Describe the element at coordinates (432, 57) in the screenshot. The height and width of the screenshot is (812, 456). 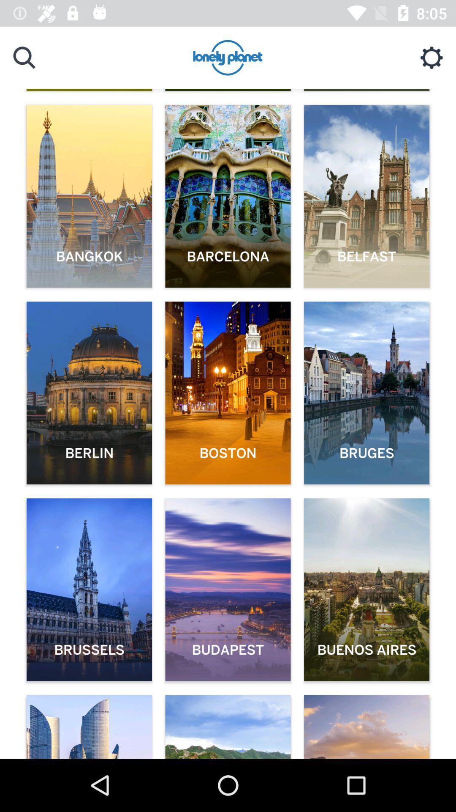
I see `the settings icon` at that location.